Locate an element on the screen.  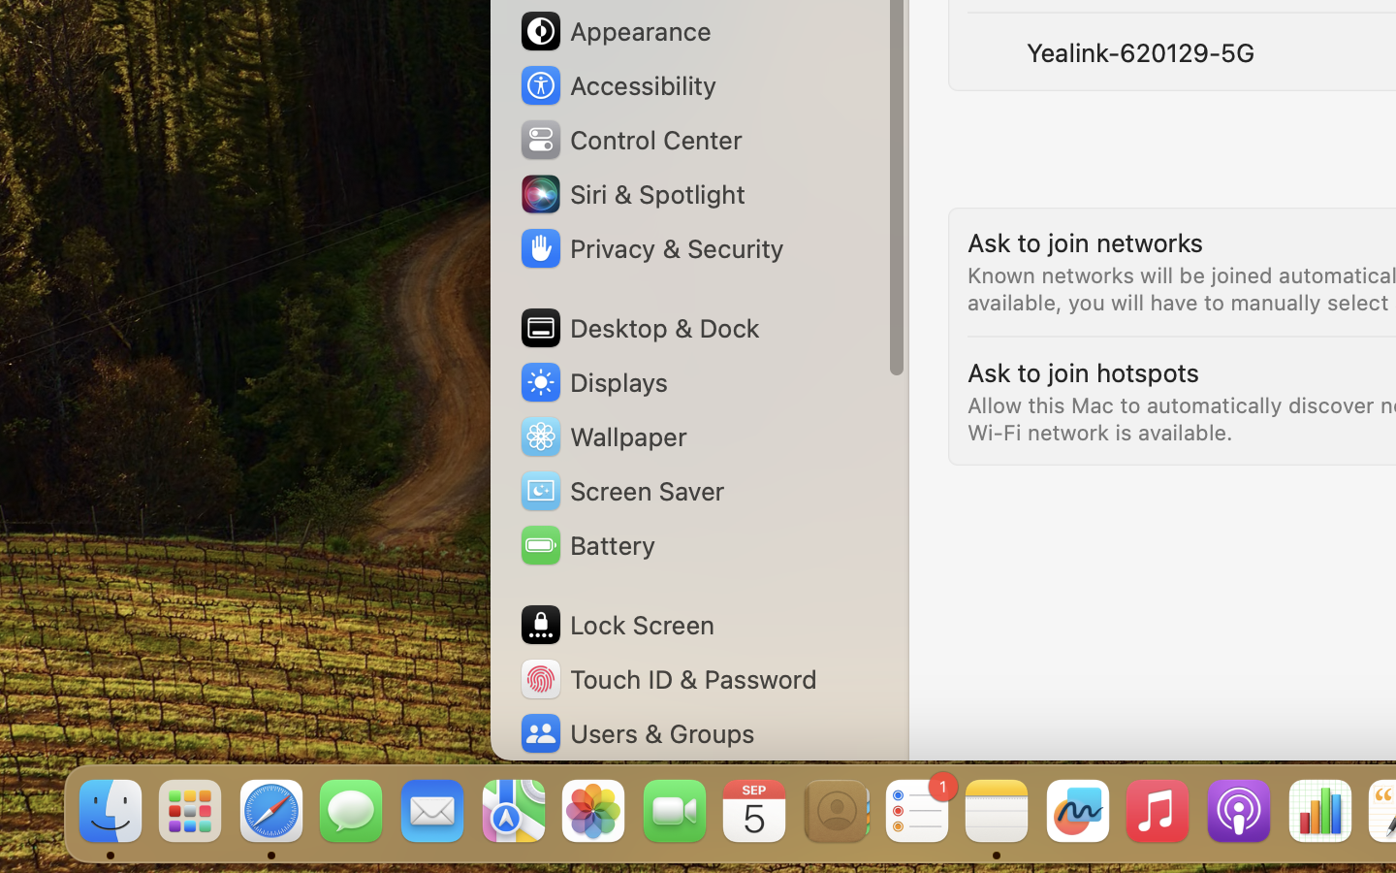
'Battery' is located at coordinates (585, 543).